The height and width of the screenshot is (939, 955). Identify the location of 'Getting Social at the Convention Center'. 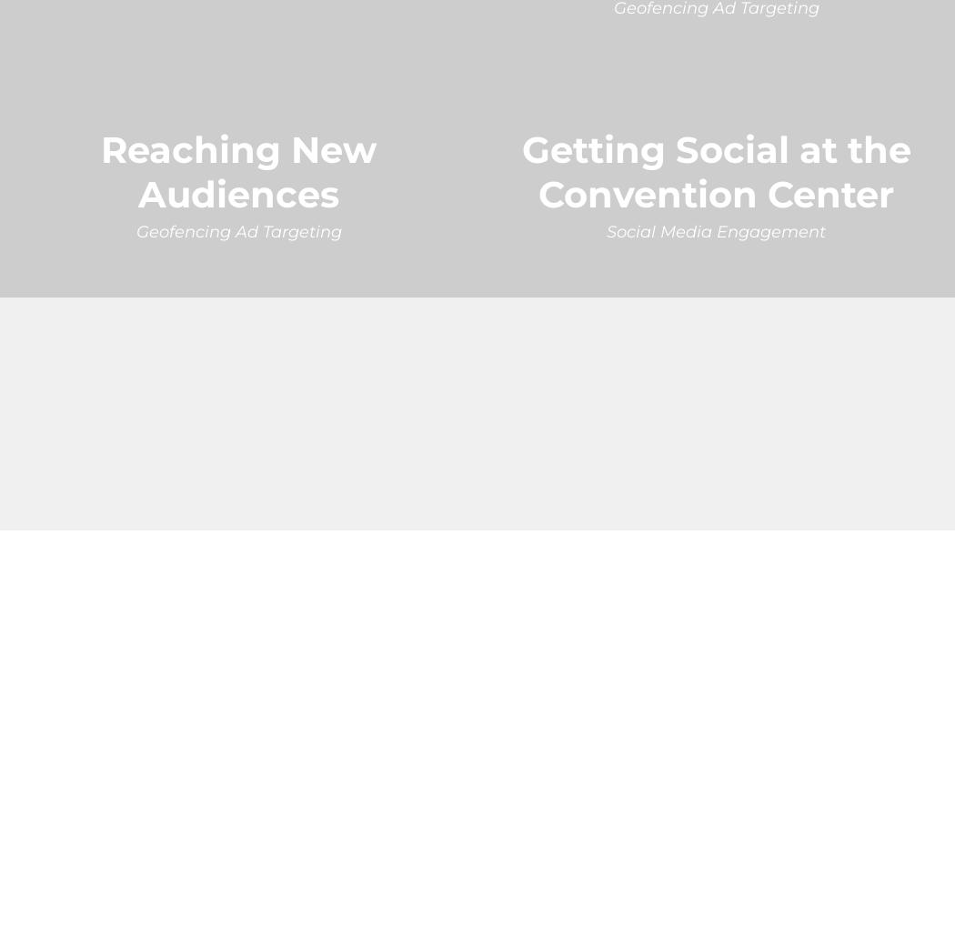
(715, 170).